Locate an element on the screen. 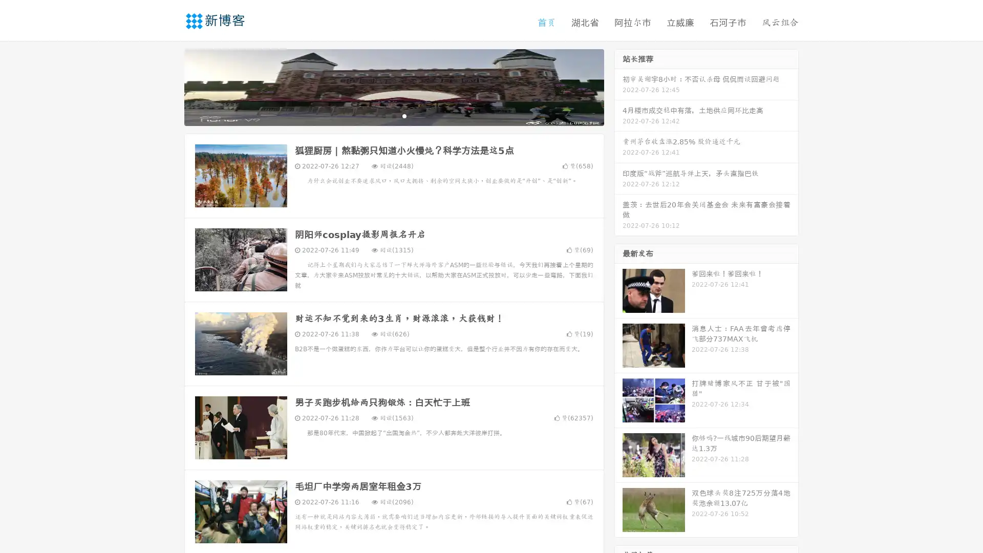 This screenshot has height=553, width=983. Go to slide 3 is located at coordinates (404, 115).